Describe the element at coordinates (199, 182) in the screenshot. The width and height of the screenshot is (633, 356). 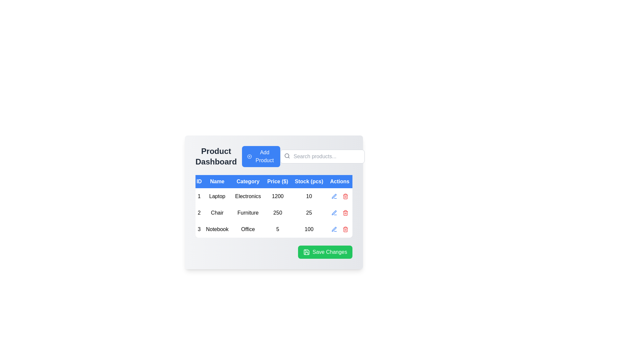
I see `the first column header of the table, which indicates unique identifiers (IDs) for the listed items` at that location.